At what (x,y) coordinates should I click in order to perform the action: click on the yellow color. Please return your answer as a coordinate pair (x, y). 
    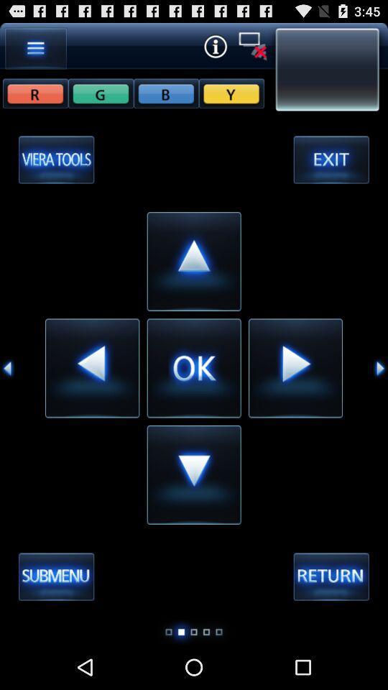
    Looking at the image, I should click on (231, 92).